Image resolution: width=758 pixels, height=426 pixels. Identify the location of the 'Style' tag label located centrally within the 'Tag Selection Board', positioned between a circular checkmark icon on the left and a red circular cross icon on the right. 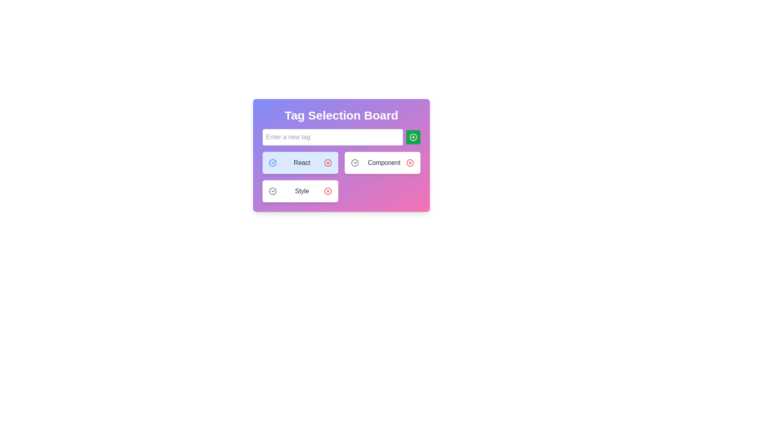
(301, 191).